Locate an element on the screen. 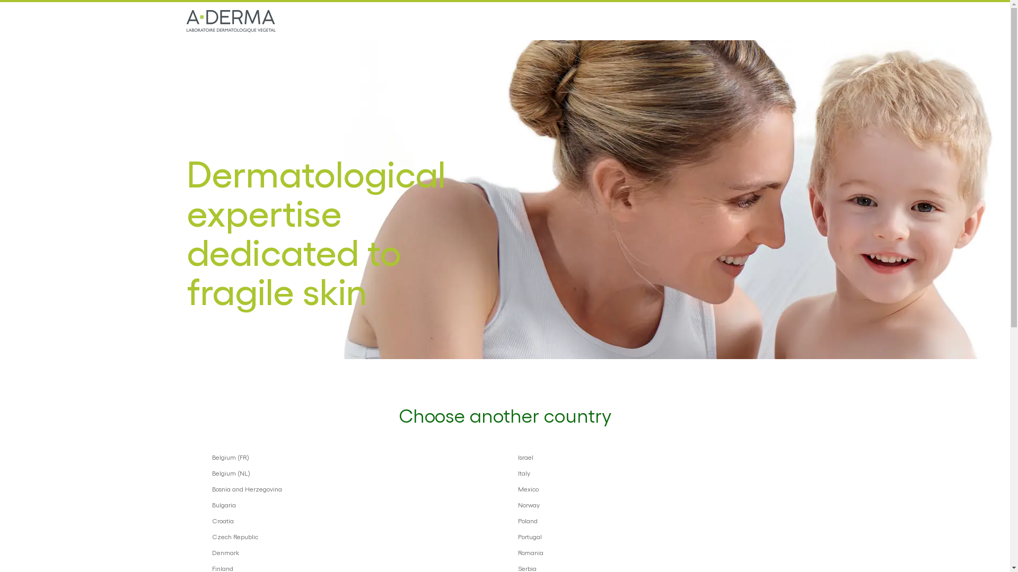 The height and width of the screenshot is (572, 1018). 'Romania' is located at coordinates (657, 551).